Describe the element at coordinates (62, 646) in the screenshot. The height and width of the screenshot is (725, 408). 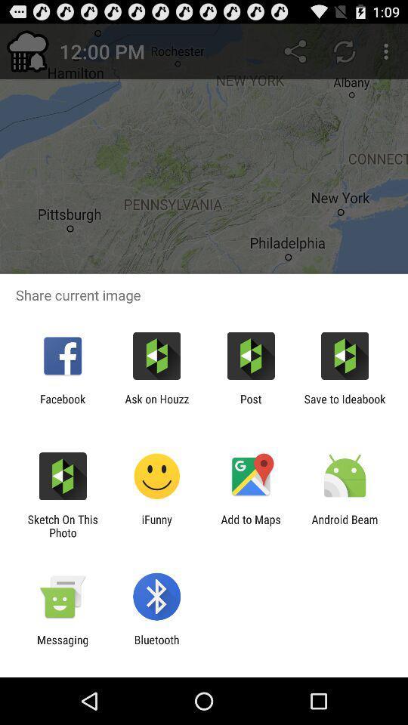
I see `the item to the left of bluetooth item` at that location.